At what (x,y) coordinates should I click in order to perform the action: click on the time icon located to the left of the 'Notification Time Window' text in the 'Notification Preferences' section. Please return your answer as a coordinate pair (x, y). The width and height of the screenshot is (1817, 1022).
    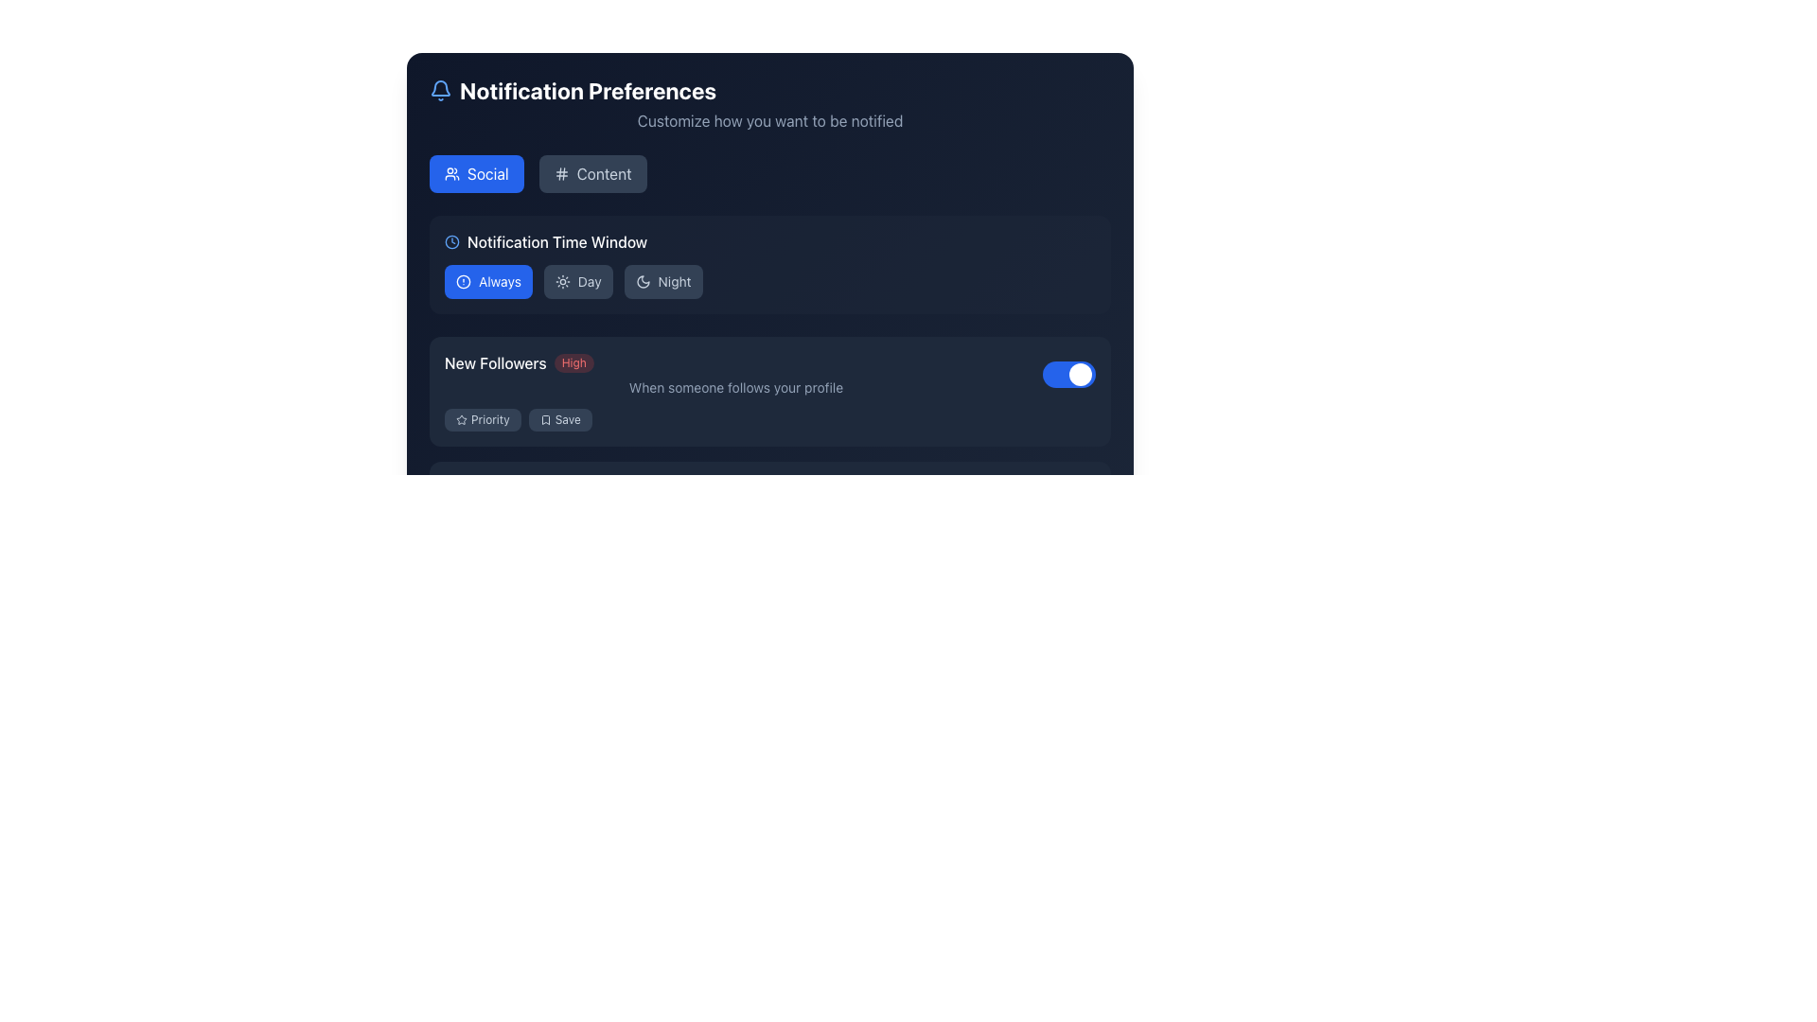
    Looking at the image, I should click on (451, 240).